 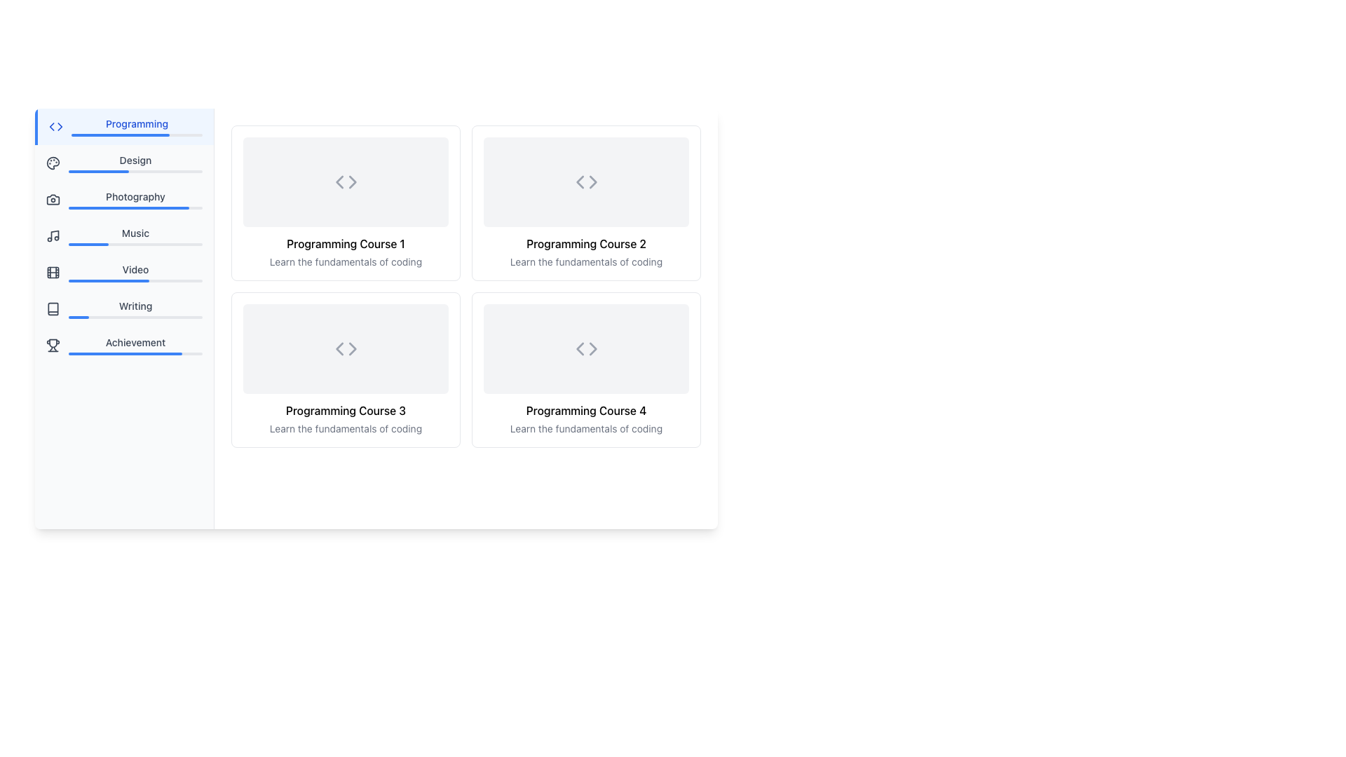 I want to click on the small rectangular icon resembling an open book located on the left side of the interface, so click(x=53, y=308).